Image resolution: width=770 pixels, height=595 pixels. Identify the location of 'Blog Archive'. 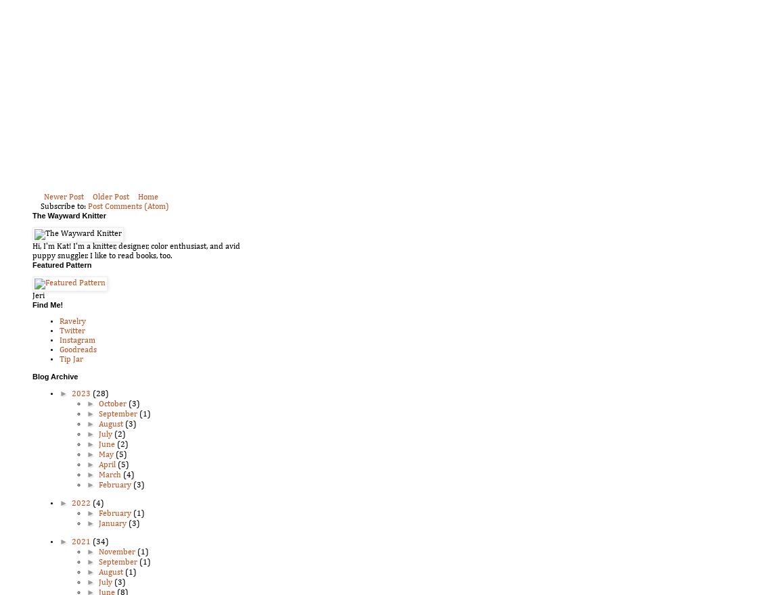
(54, 375).